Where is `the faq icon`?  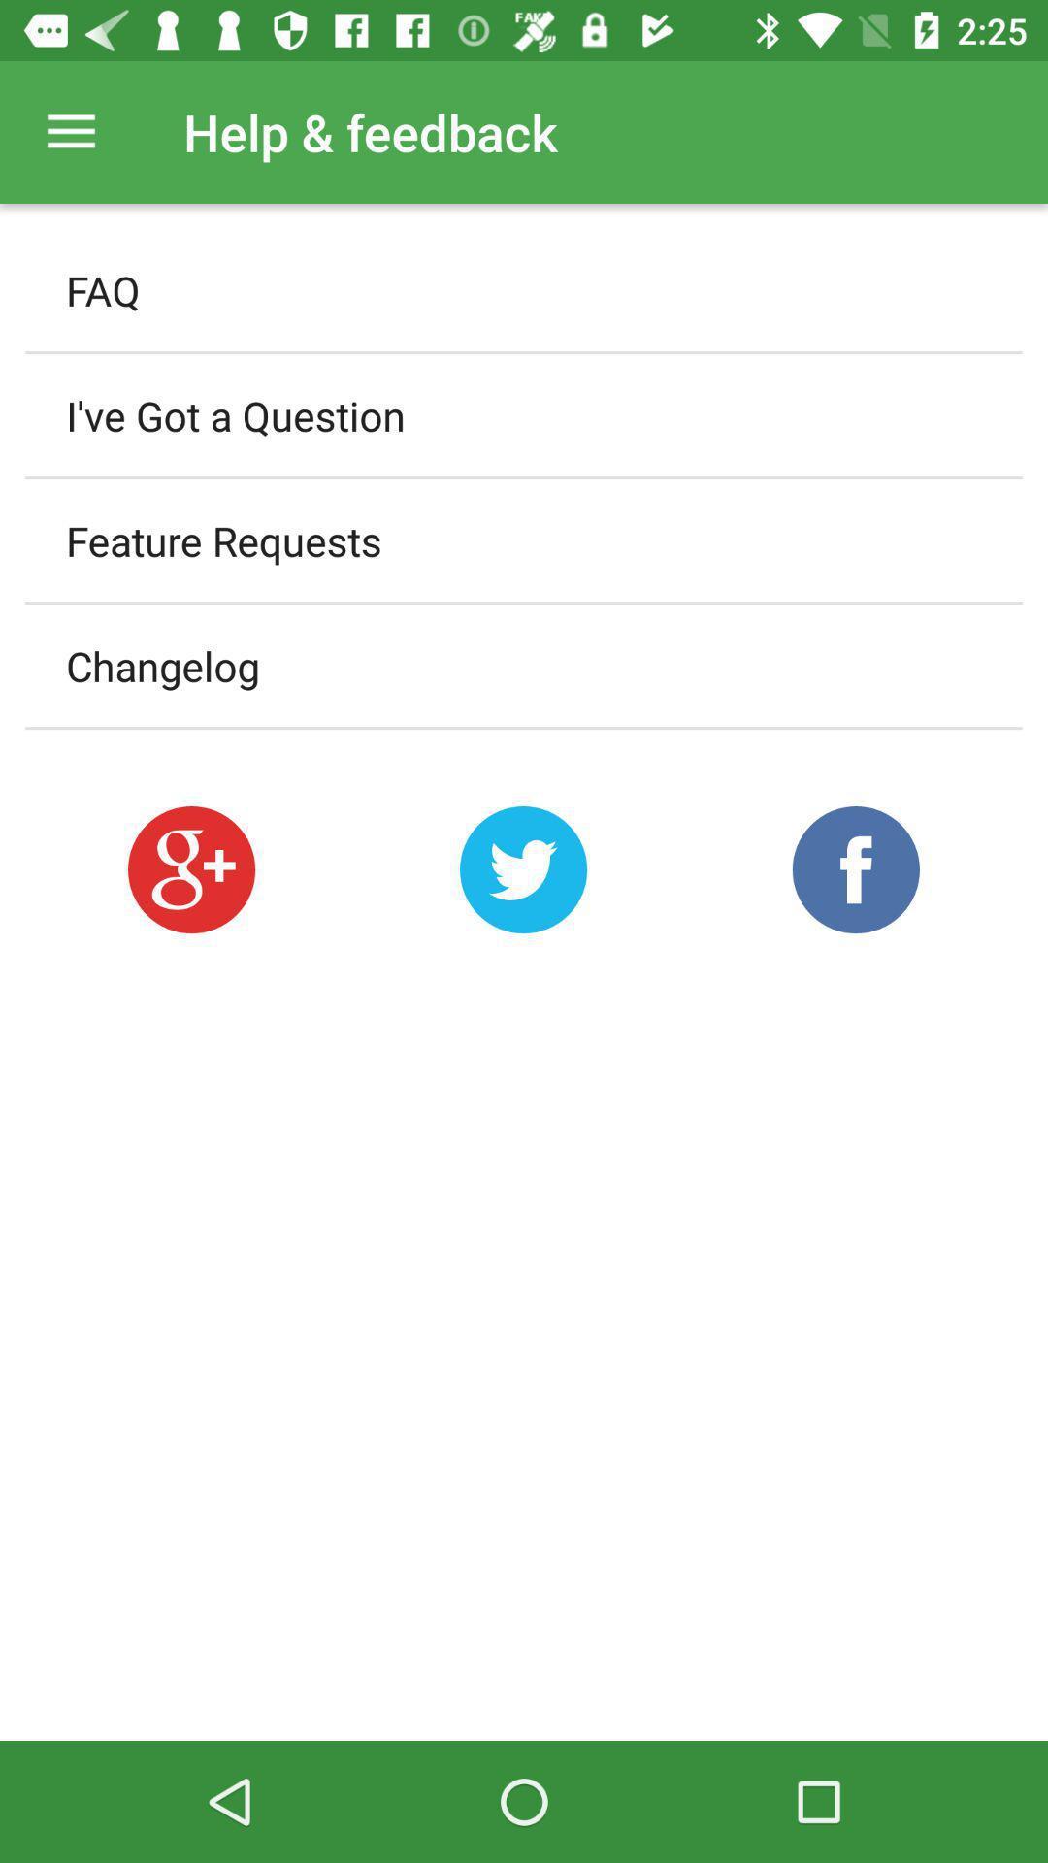 the faq icon is located at coordinates (524, 289).